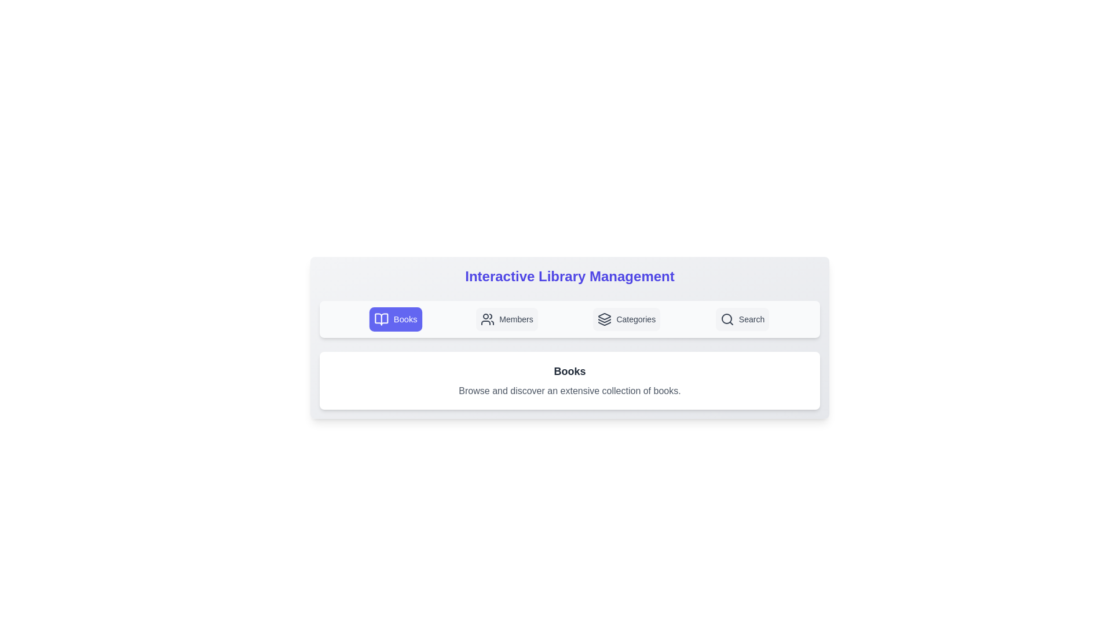 This screenshot has height=625, width=1112. What do you see at coordinates (604, 319) in the screenshot?
I see `the dark gray line art icon representing the 'Categories' section in the navigation bar` at bounding box center [604, 319].